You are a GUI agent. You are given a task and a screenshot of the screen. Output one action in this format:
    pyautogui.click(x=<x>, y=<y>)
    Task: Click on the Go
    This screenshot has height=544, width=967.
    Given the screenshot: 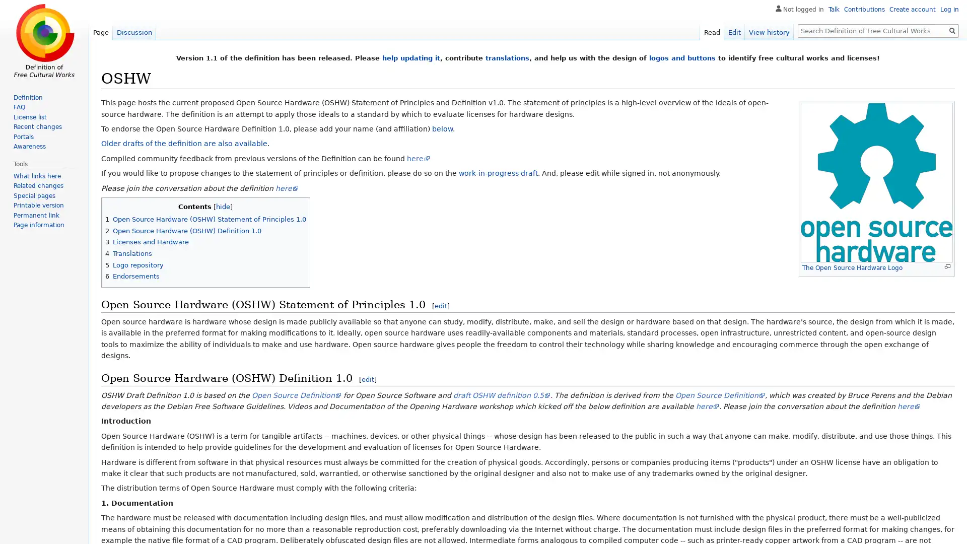 What is the action you would take?
    pyautogui.click(x=952, y=30)
    